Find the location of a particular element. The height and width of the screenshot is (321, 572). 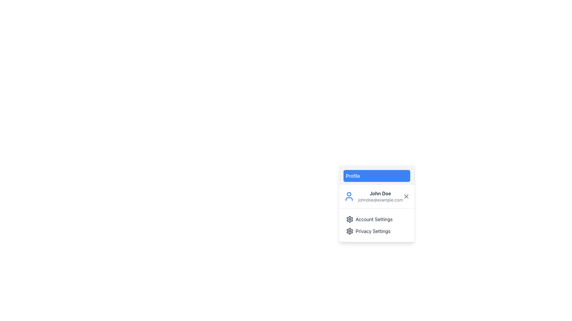

the static text element displaying the user's name in the user account section of the dropdown menu is located at coordinates (380, 193).